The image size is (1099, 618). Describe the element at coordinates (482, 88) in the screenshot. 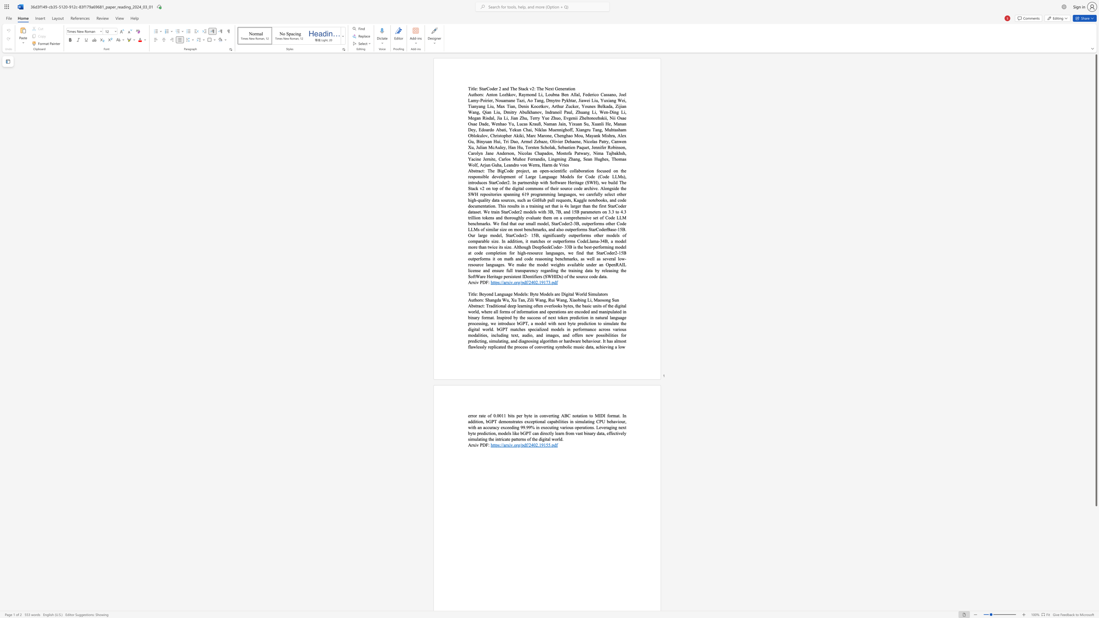

I see `the subset text "arCoder 2 and The Stack v2: Th" within the text "StarCoder 2 and The Stack v2: The Next Generation"` at that location.